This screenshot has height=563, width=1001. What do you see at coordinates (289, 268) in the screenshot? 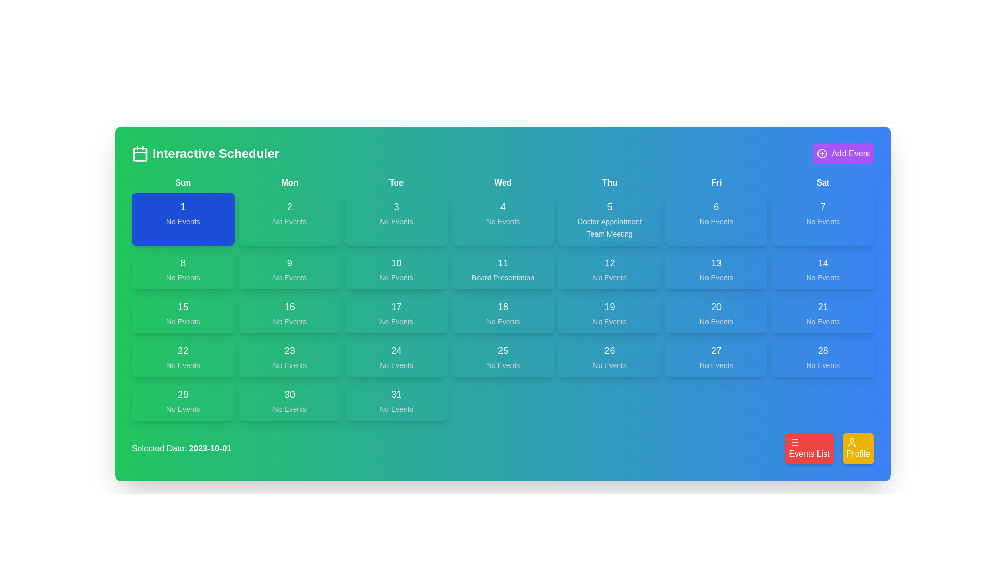
I see `the calendar cell representing the ninth day (Mon 9)` at bounding box center [289, 268].